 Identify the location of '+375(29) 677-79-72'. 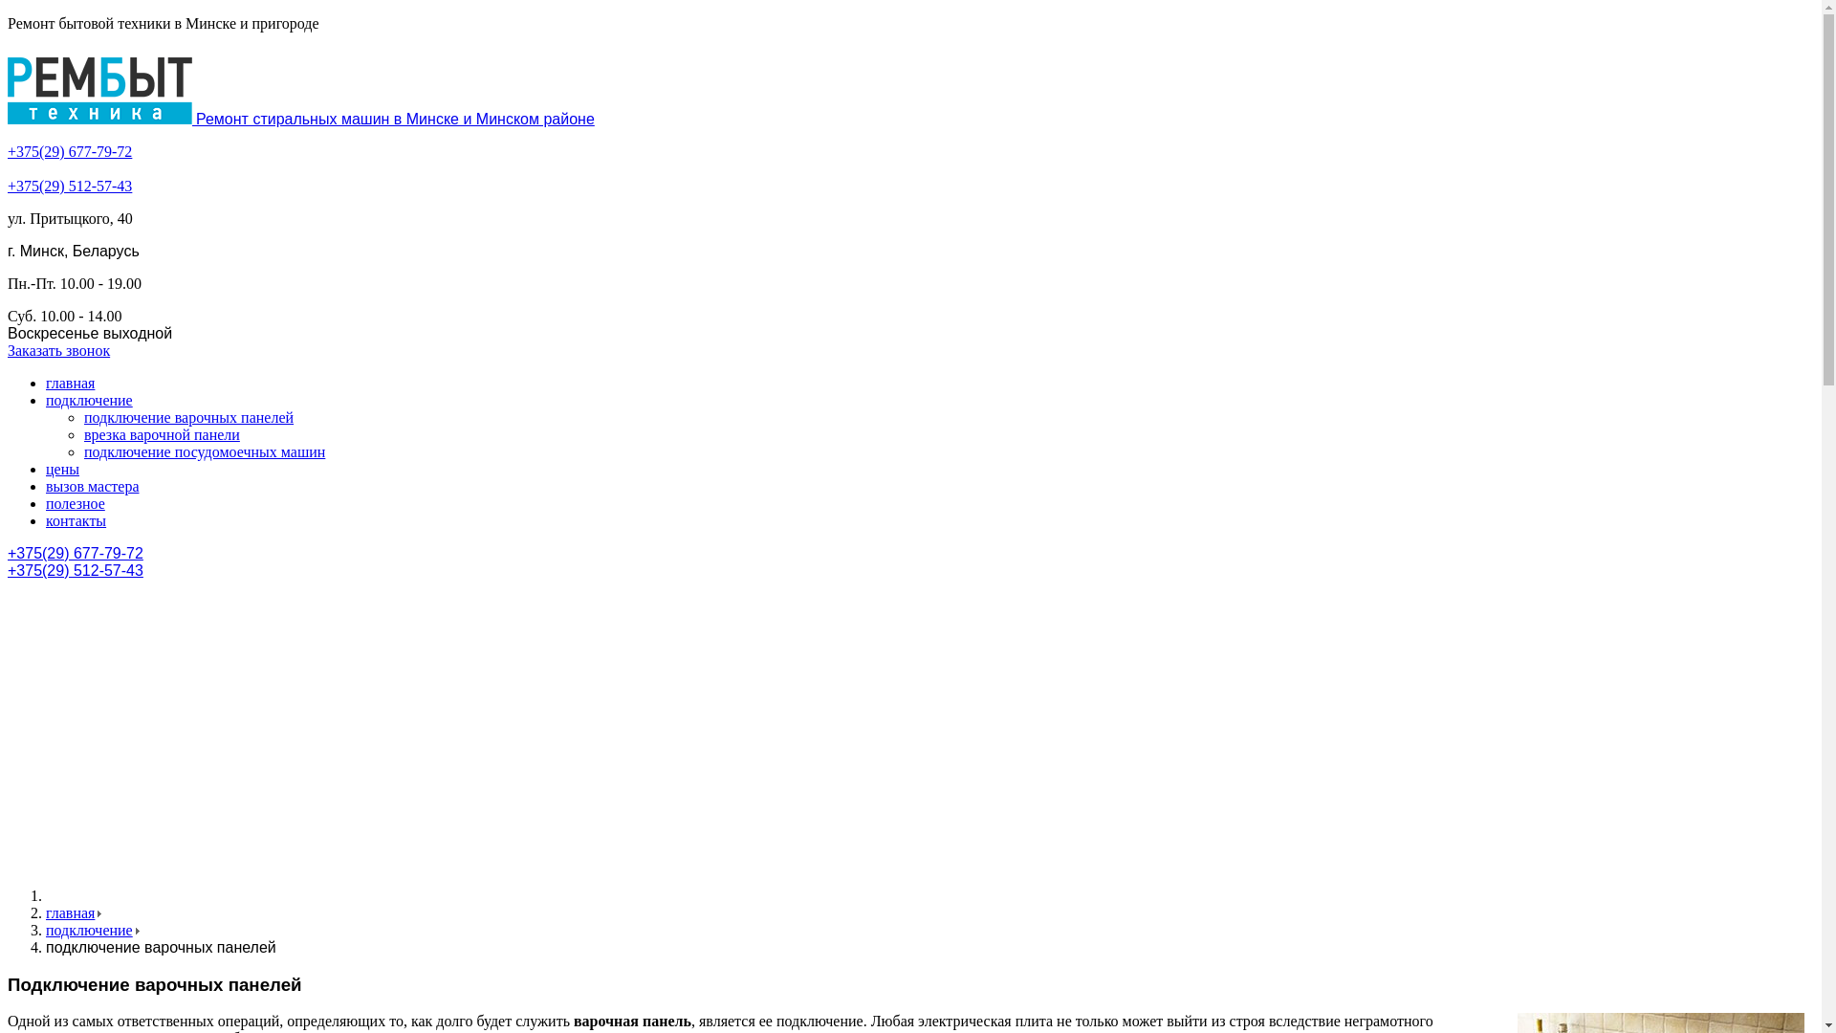
(8, 150).